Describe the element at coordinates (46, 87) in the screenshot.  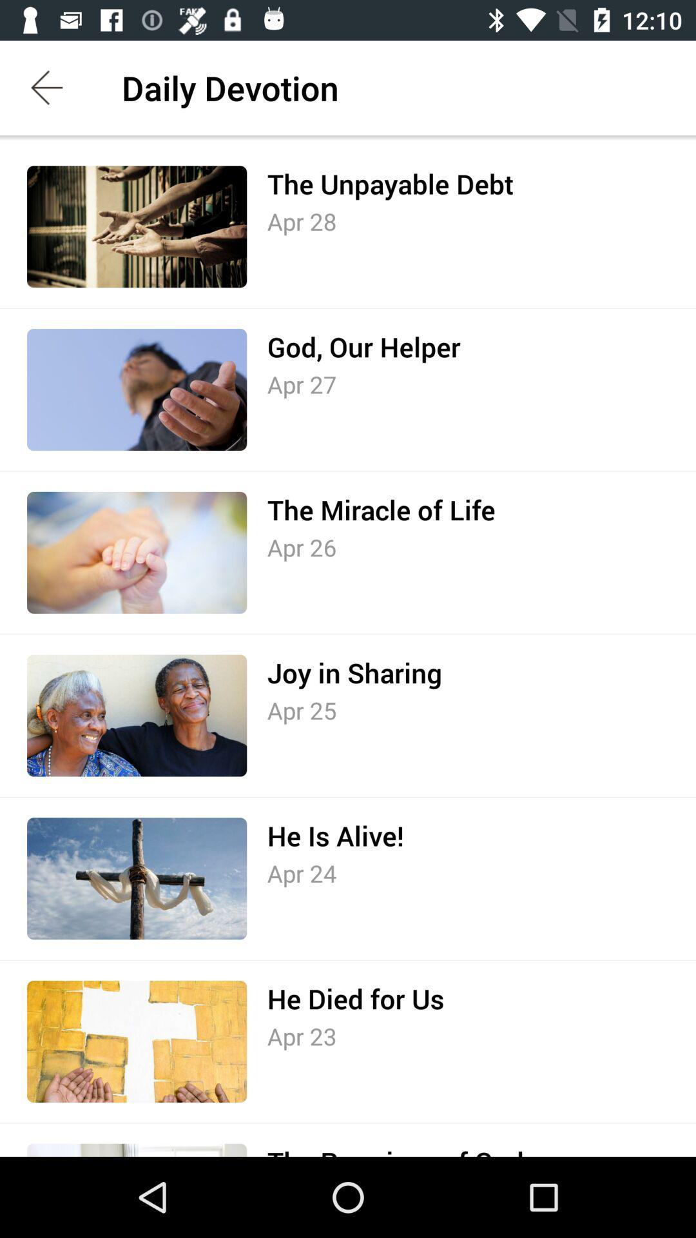
I see `go back` at that location.